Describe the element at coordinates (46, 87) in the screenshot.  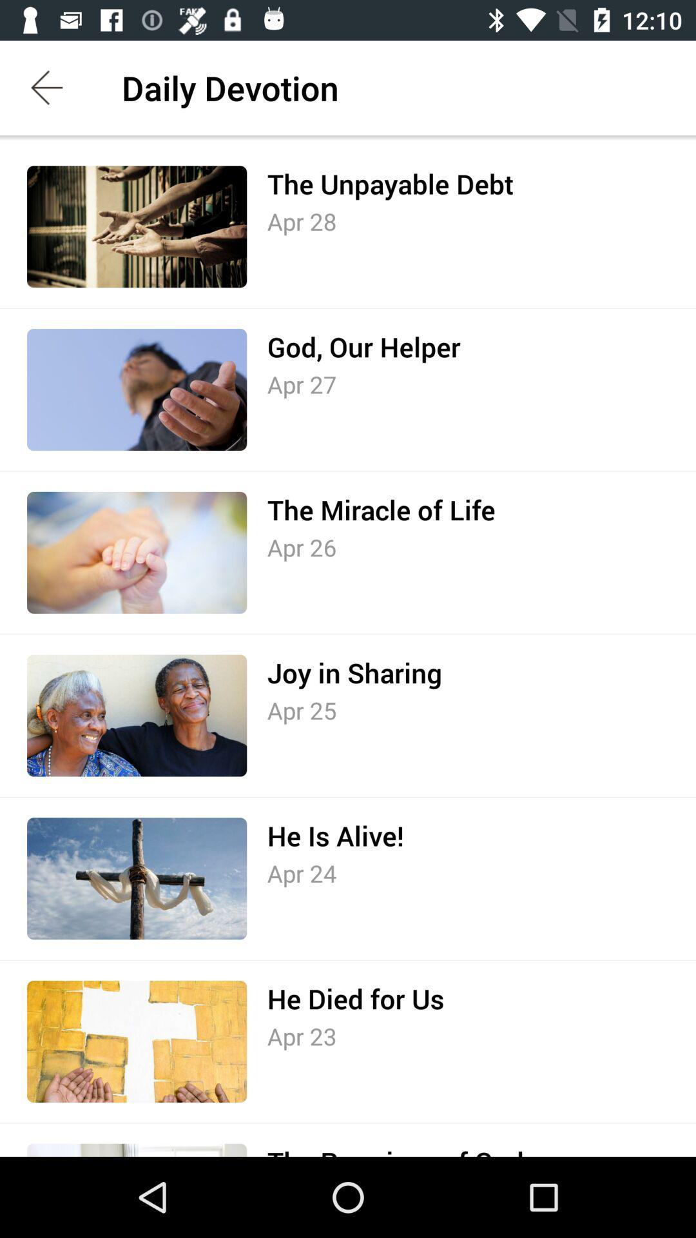
I see `go back` at that location.